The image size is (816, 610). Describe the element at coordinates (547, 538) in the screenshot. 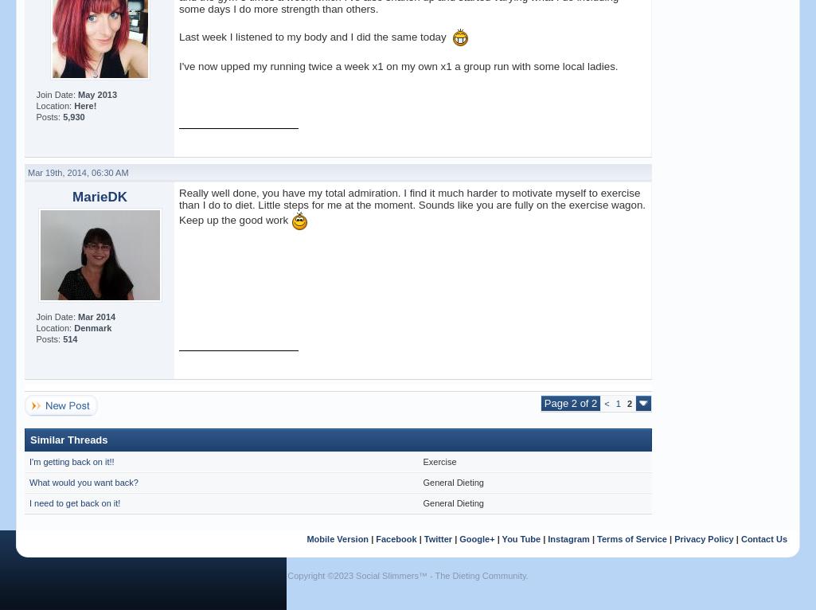

I see `'Instagram'` at that location.